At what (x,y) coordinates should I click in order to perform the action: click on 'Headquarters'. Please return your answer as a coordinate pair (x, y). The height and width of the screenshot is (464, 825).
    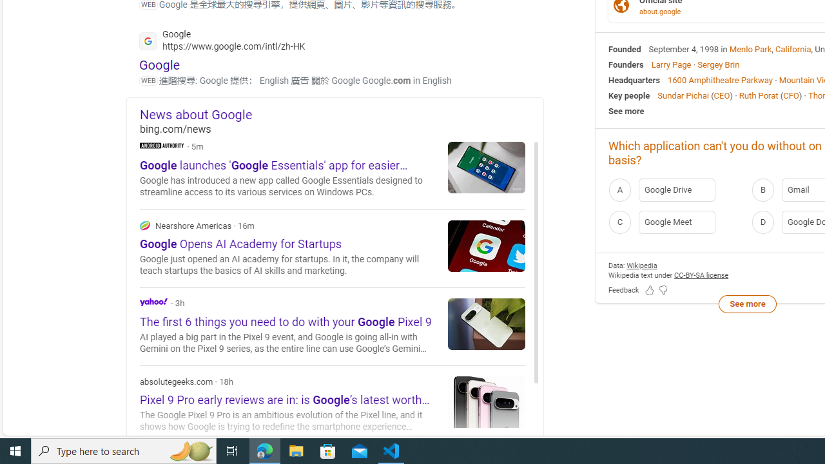
    Looking at the image, I should click on (634, 79).